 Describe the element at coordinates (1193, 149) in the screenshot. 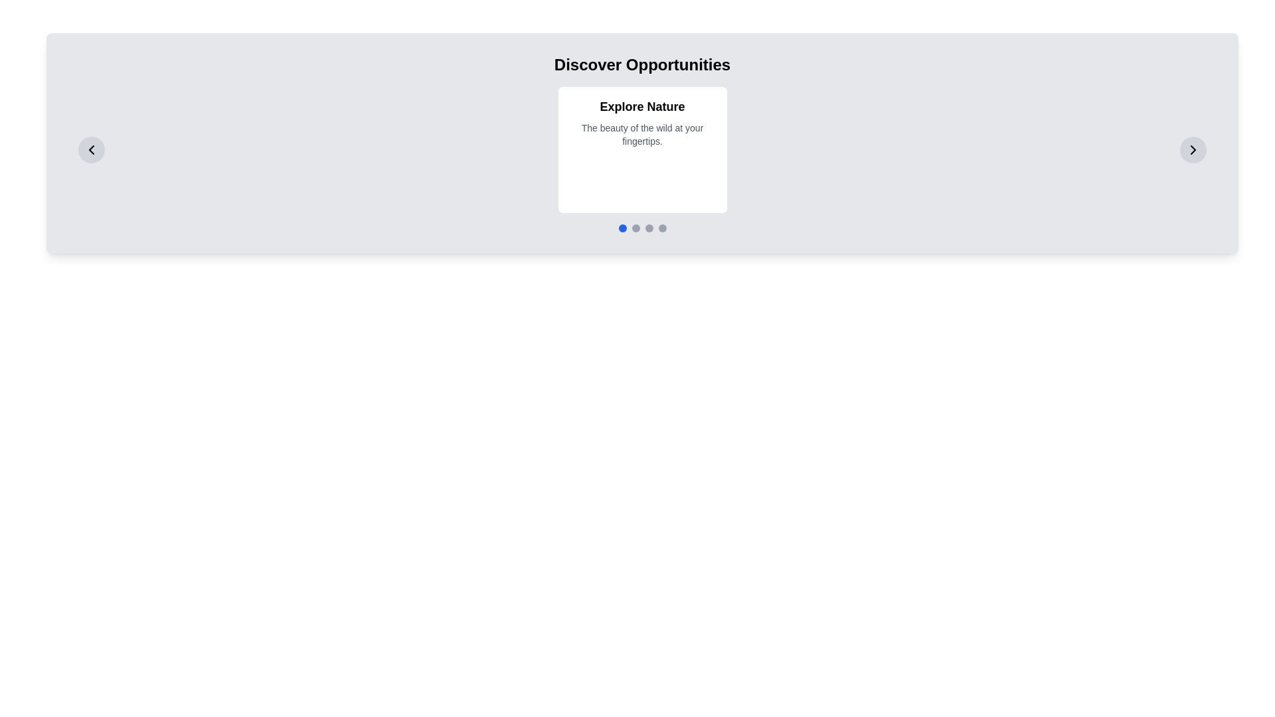

I see `the far-right navigation button` at that location.